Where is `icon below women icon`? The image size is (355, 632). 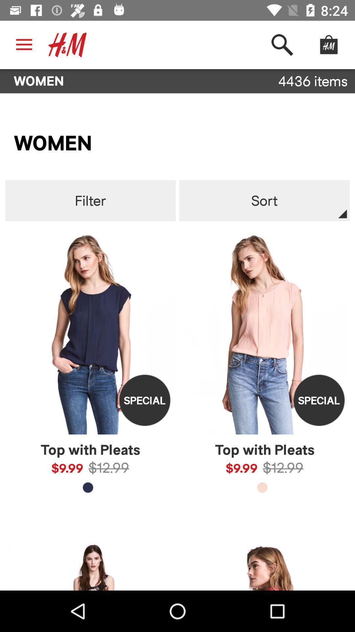 icon below women icon is located at coordinates (90, 200).